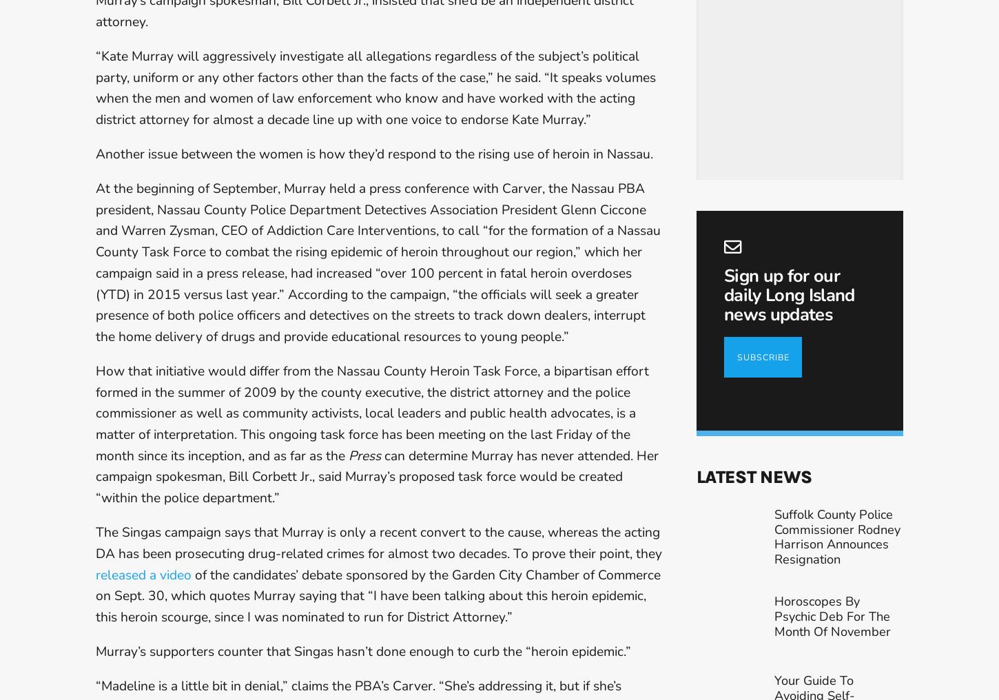 Image resolution: width=999 pixels, height=700 pixels. What do you see at coordinates (836, 566) in the screenshot?
I see `'Rodney Harrison Announces'` at bounding box center [836, 566].